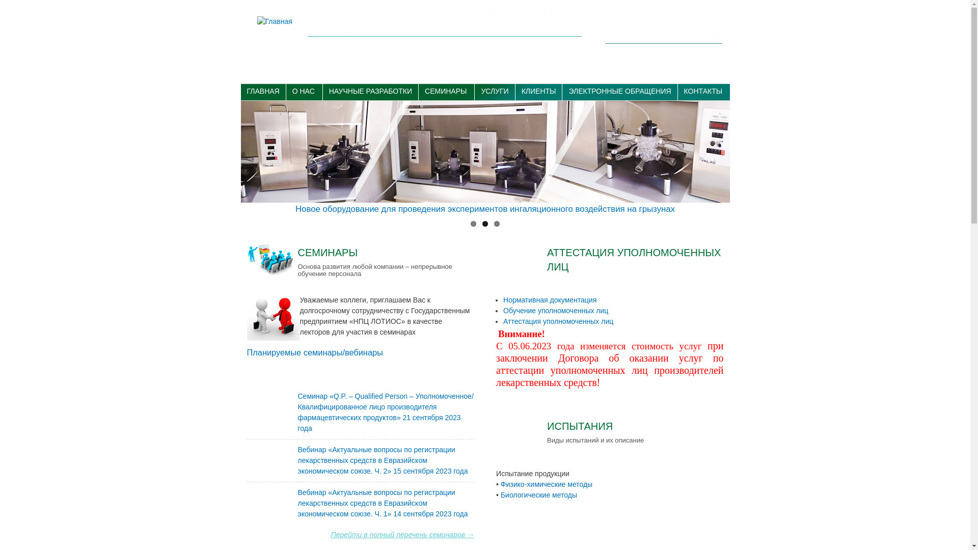 This screenshot has width=978, height=550. Describe the element at coordinates (497, 223) in the screenshot. I see `'3'` at that location.